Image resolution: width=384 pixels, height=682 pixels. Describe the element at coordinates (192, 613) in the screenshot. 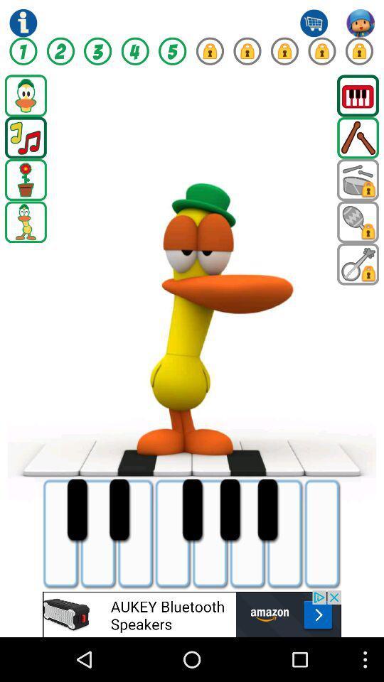

I see `emoji` at that location.